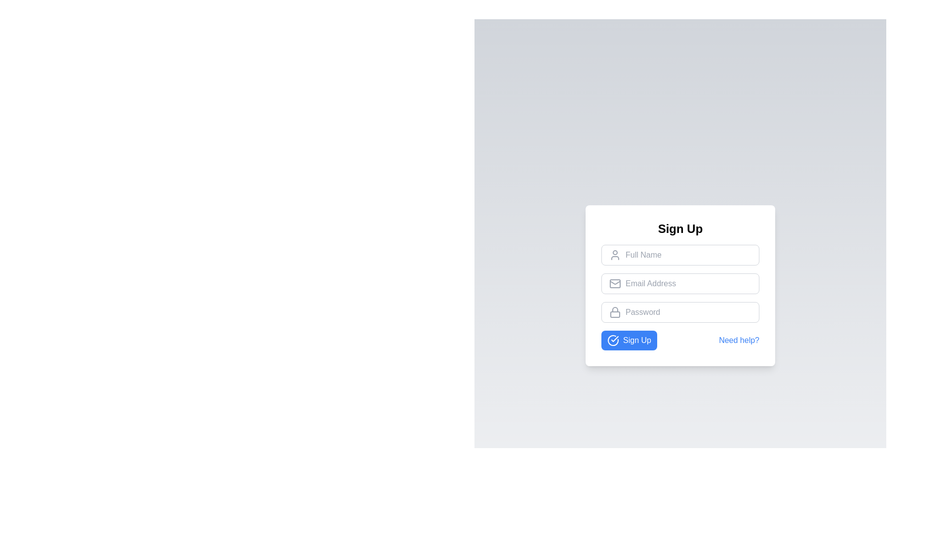  I want to click on the decorative hint icon located to the left of the 'Email Address' input field, so click(615, 283).